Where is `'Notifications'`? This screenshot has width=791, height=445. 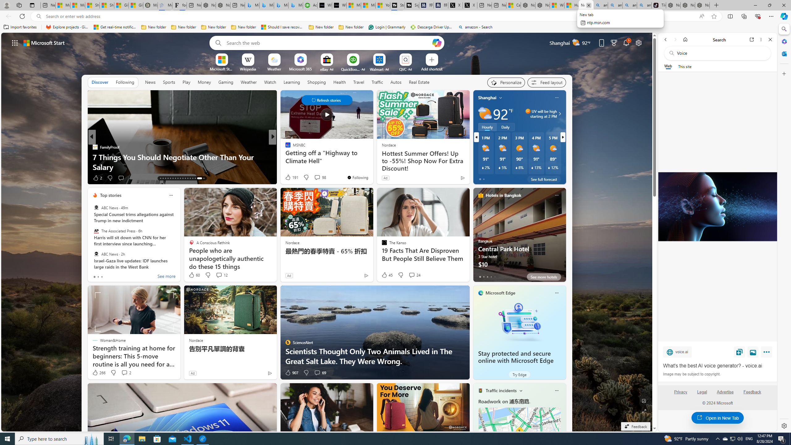
'Notifications' is located at coordinates (626, 42).